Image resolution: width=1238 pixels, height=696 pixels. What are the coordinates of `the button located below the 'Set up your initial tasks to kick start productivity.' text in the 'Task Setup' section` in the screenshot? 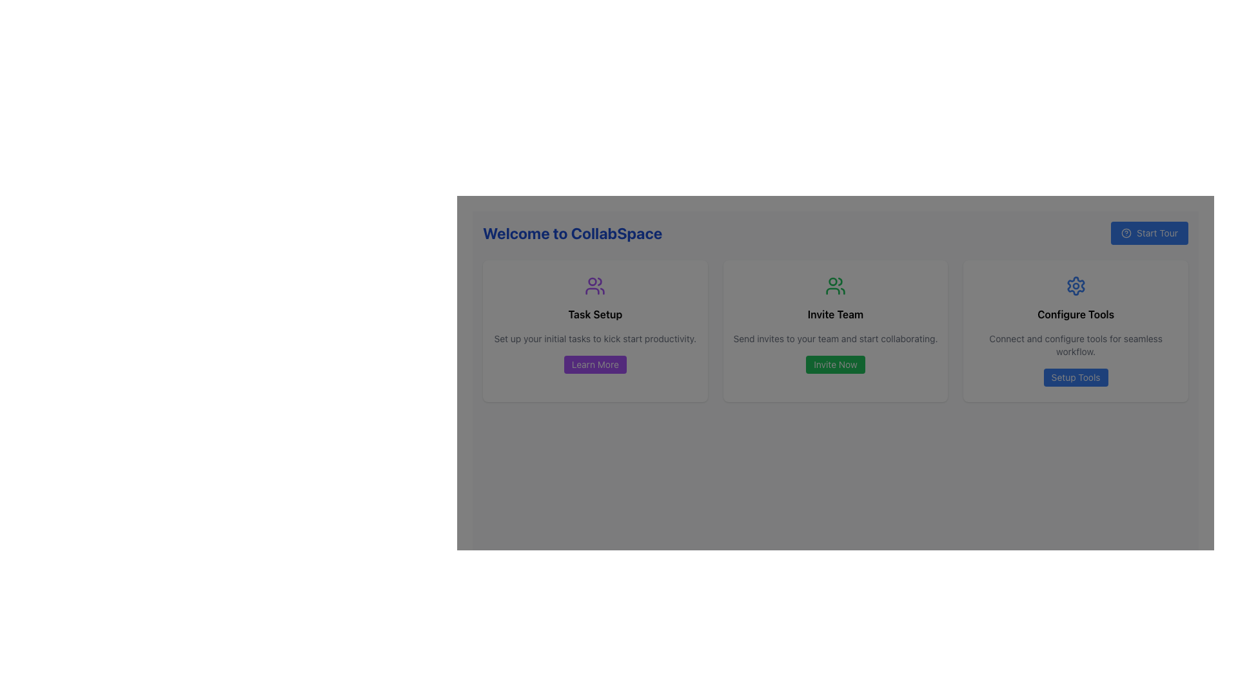 It's located at (594, 365).